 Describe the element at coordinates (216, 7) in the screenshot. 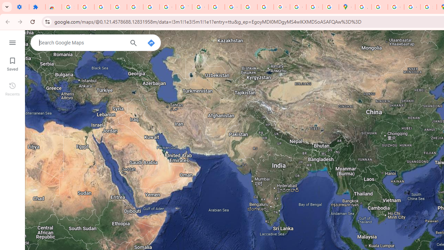

I see `'https://scholar.google.com/'` at that location.